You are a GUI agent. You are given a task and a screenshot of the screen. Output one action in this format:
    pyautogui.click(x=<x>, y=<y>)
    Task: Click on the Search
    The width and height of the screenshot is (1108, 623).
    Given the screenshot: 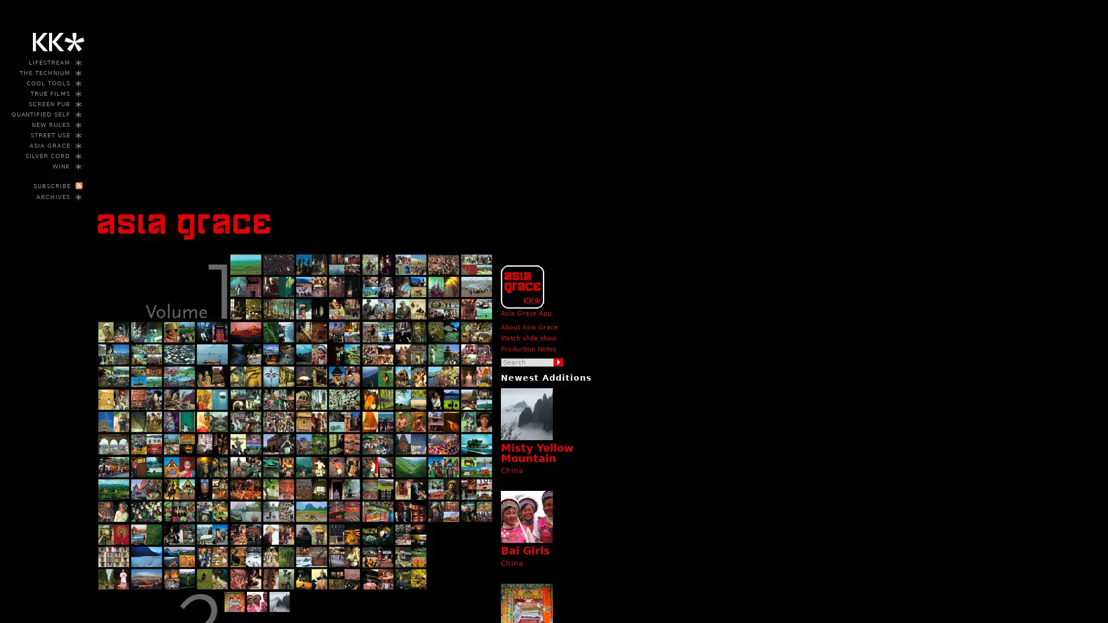 What is the action you would take?
    pyautogui.click(x=559, y=362)
    